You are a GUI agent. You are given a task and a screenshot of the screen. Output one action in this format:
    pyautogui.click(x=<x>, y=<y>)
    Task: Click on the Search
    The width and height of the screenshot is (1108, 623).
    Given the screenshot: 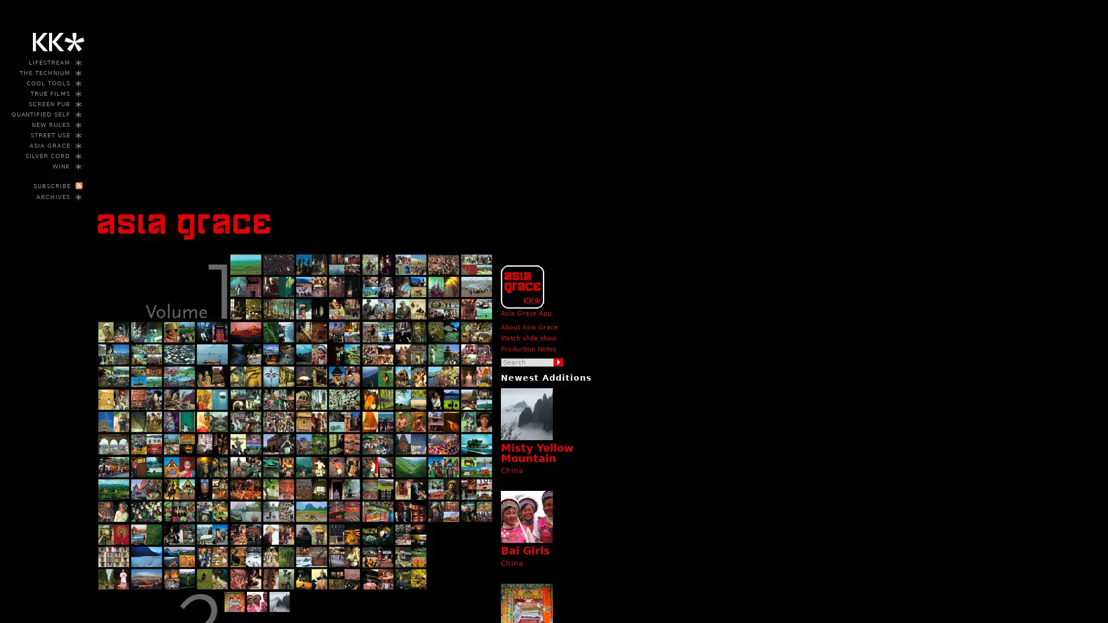 What is the action you would take?
    pyautogui.click(x=559, y=362)
    